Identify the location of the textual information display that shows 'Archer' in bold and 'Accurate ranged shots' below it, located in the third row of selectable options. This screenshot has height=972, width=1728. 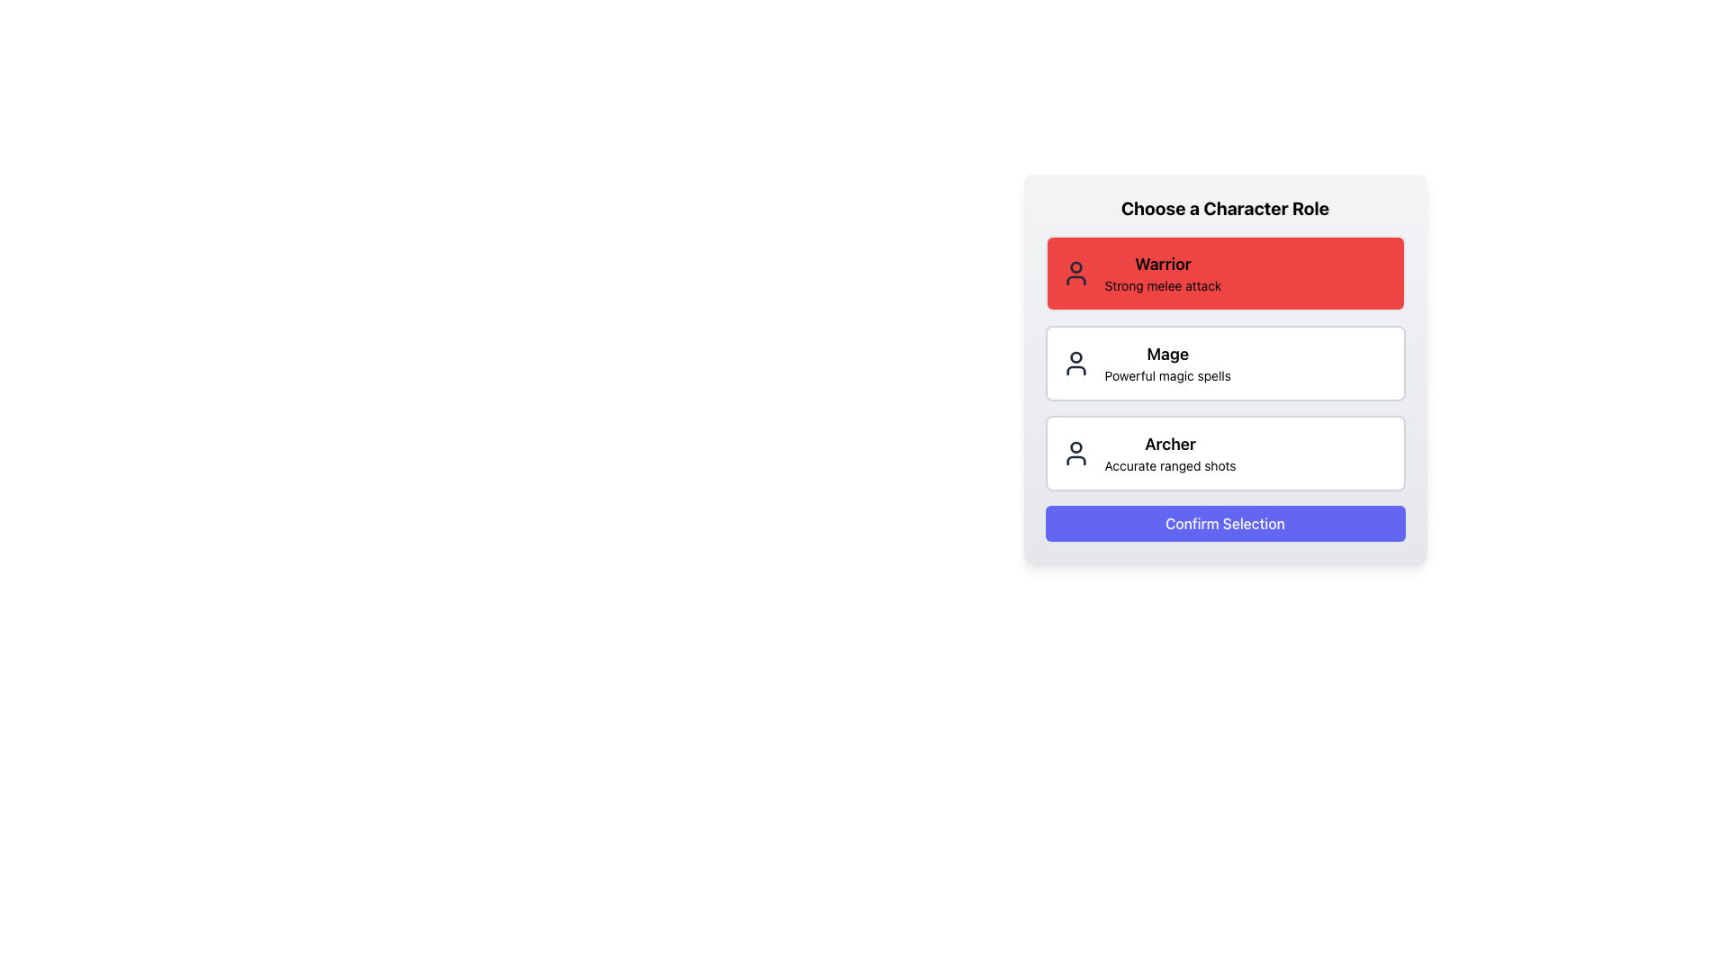
(1170, 453).